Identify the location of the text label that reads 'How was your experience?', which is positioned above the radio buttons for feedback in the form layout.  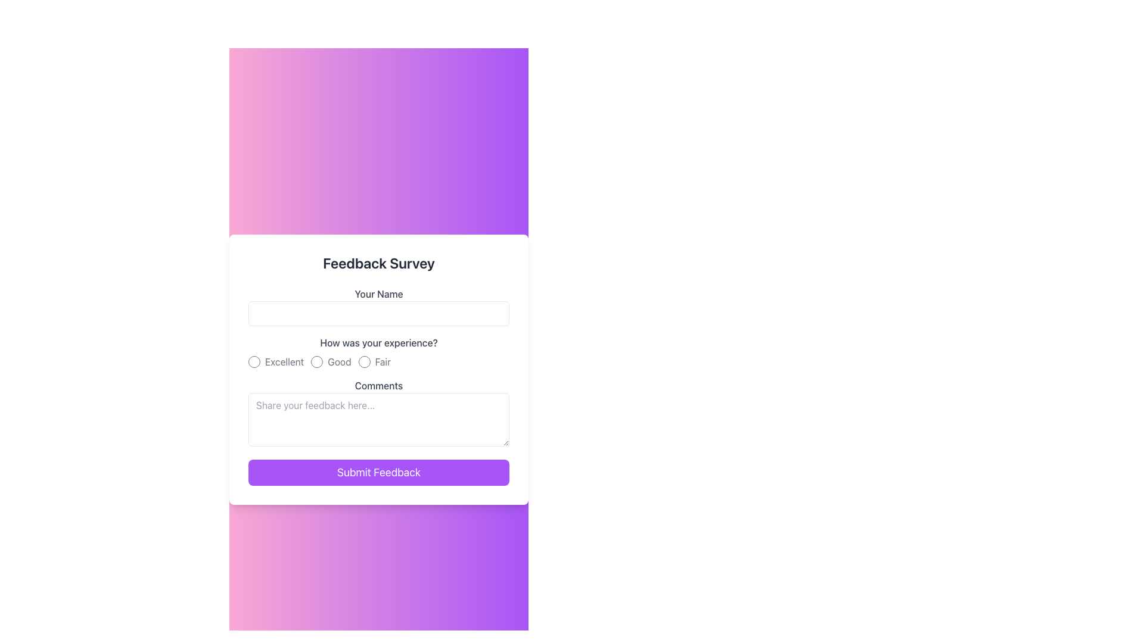
(378, 342).